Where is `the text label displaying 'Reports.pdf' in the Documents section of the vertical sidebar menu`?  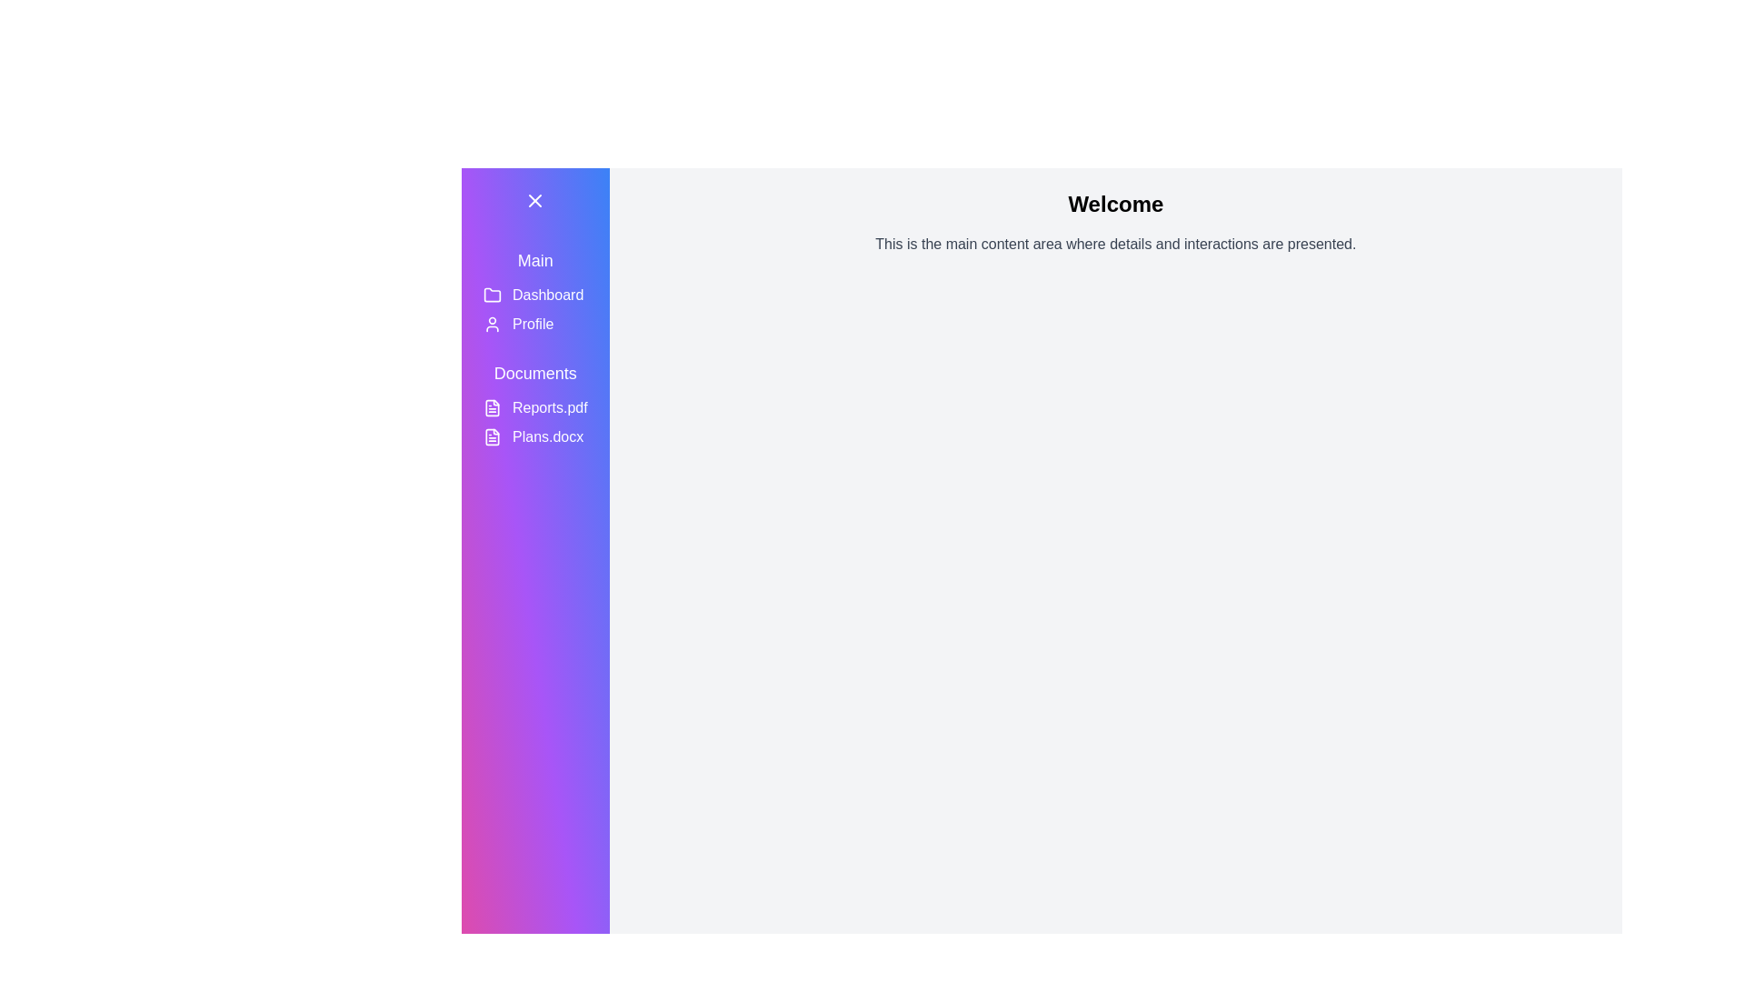
the text label displaying 'Reports.pdf' in the Documents section of the vertical sidebar menu is located at coordinates (534, 406).